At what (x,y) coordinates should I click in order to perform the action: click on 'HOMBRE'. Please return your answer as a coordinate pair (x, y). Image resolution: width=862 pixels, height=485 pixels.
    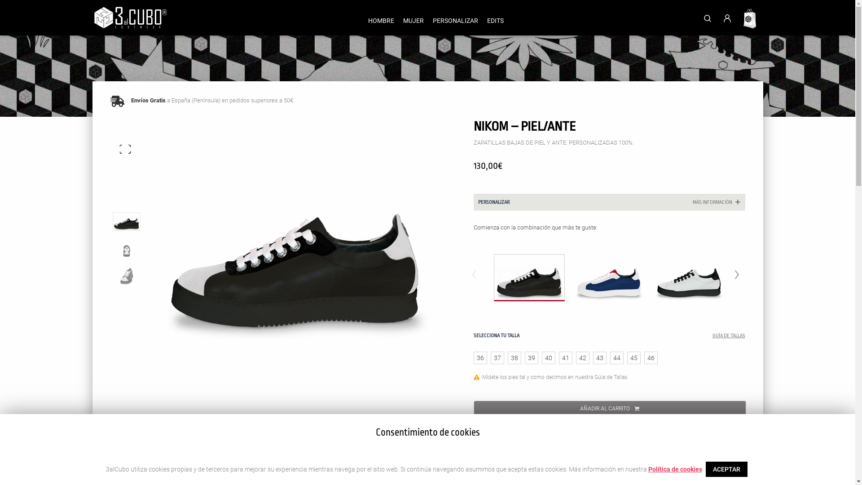
    Looking at the image, I should click on (381, 20).